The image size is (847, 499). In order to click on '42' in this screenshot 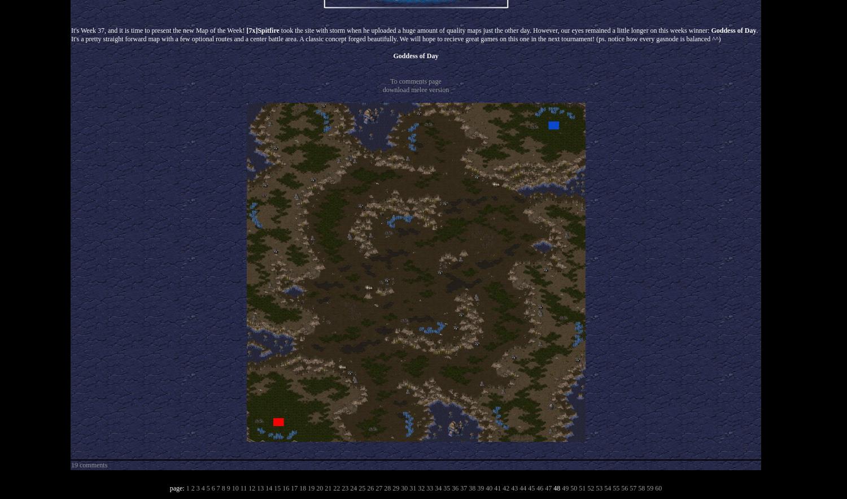, I will do `click(505, 488)`.